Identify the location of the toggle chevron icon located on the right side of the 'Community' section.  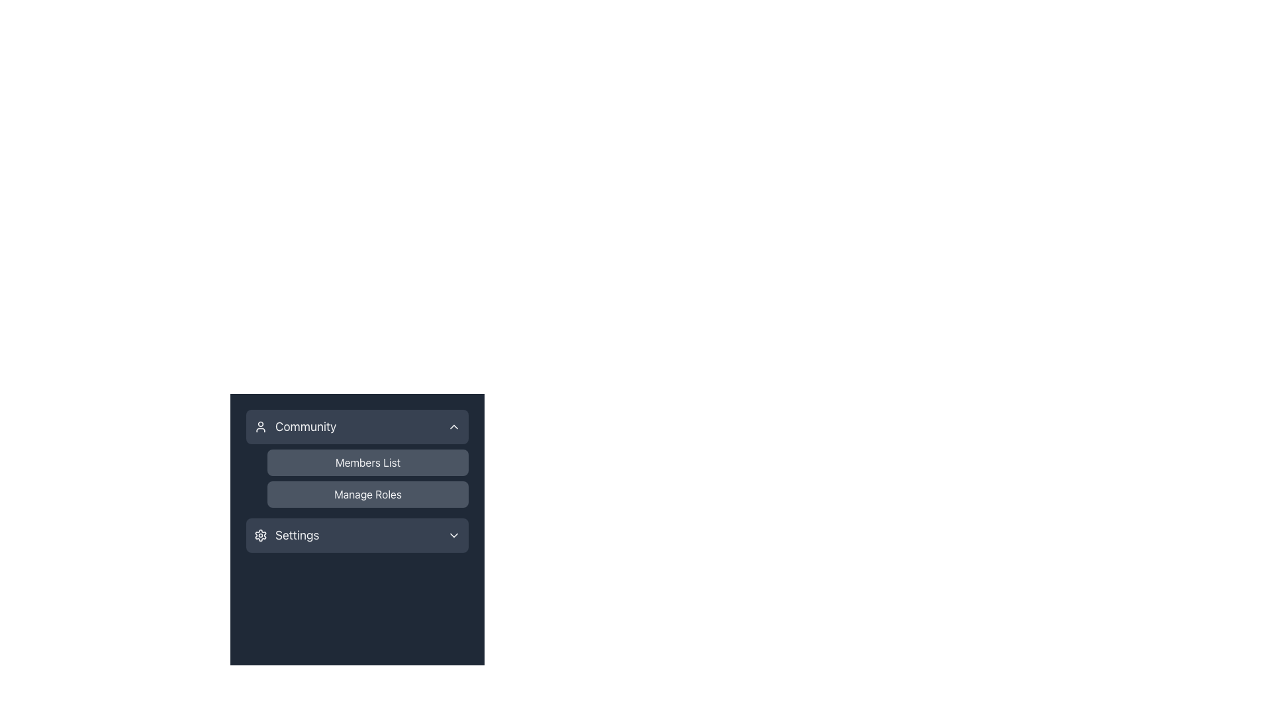
(454, 426).